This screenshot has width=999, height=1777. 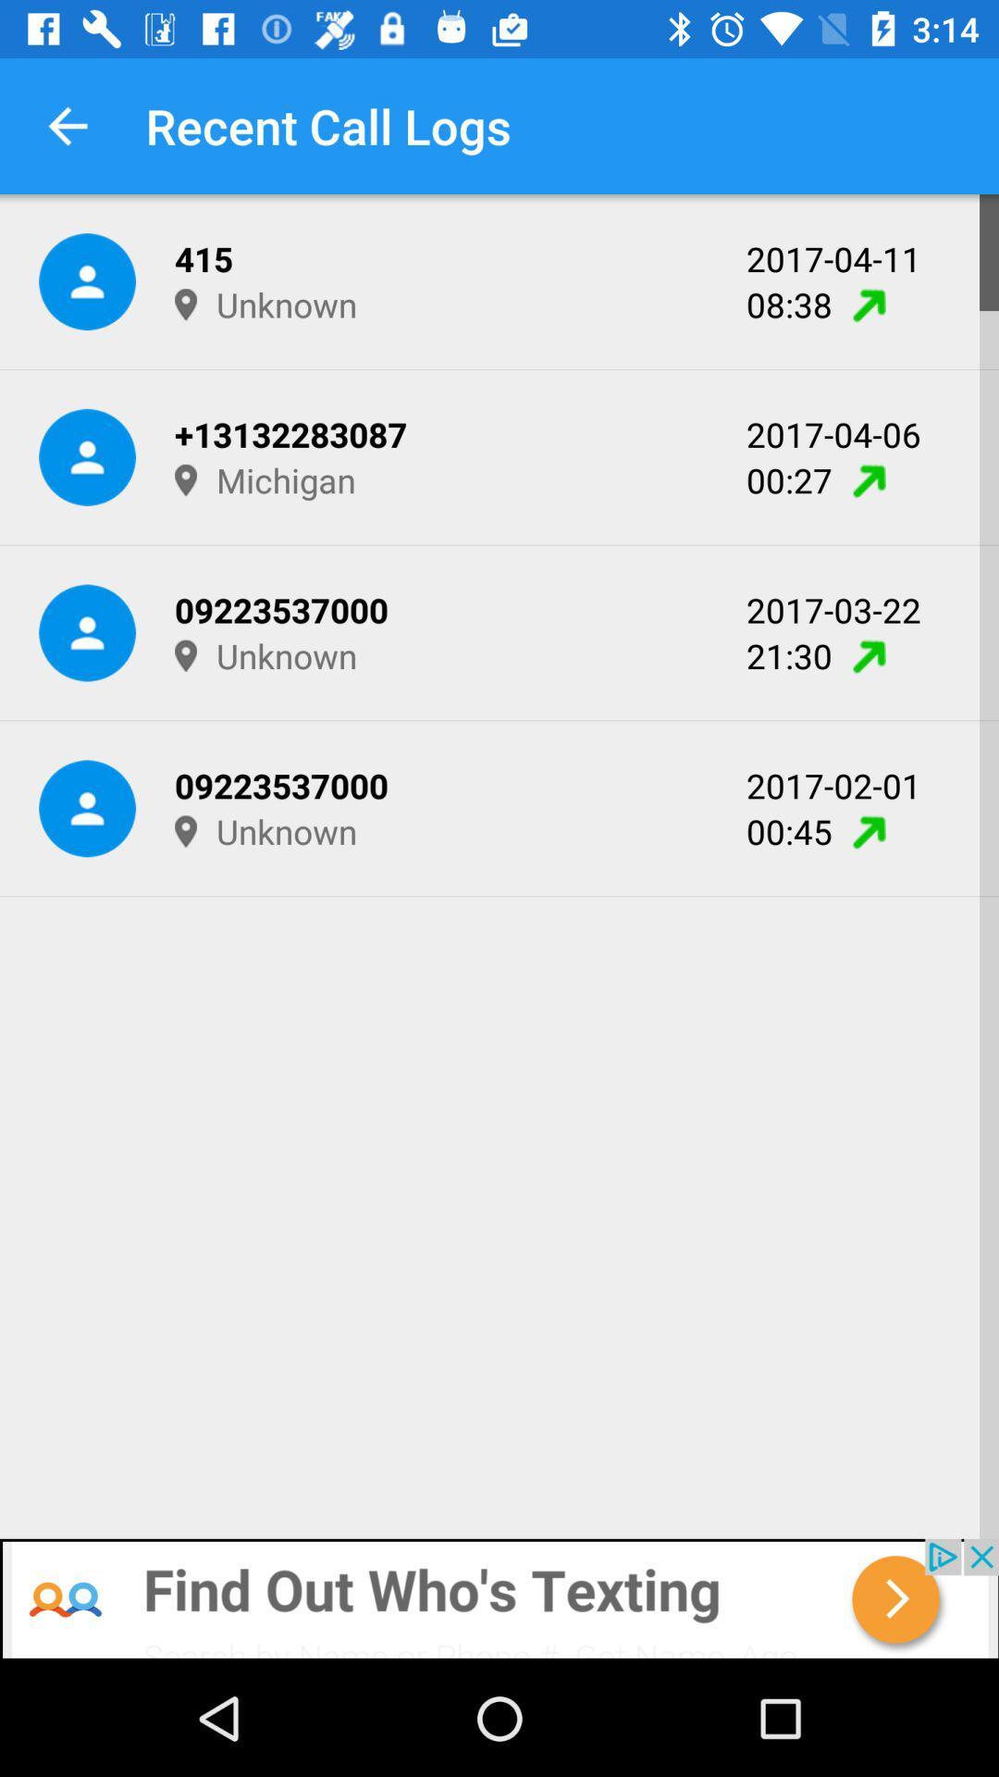 What do you see at coordinates (499, 1598) in the screenshot?
I see `discover people in your recent call log that are currently texting` at bounding box center [499, 1598].